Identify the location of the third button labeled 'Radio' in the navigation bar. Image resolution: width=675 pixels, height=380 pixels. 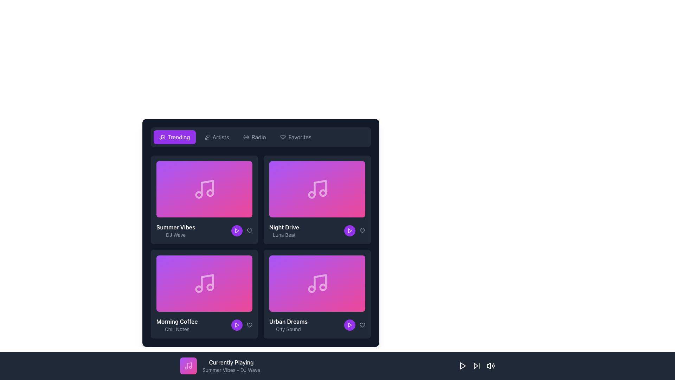
(261, 137).